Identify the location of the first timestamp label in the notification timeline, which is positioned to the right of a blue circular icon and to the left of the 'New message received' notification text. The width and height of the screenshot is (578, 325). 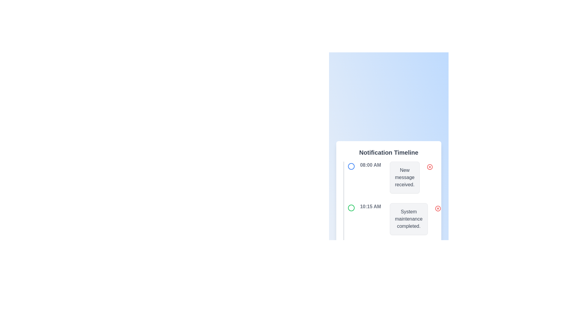
(370, 165).